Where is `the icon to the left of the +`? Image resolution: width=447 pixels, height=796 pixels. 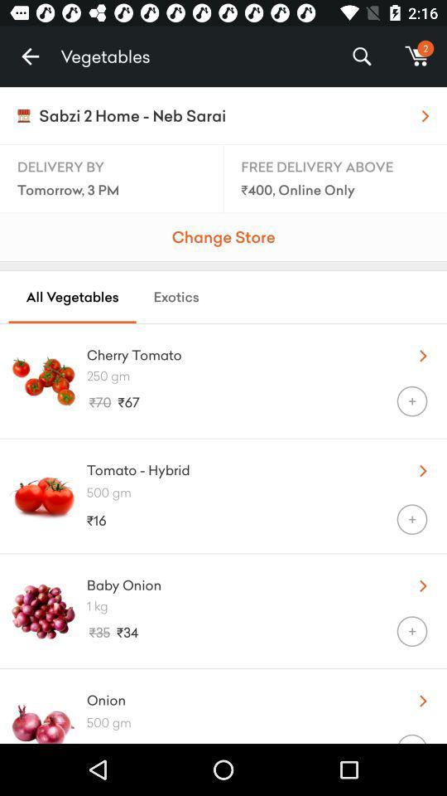
the icon to the left of the + is located at coordinates (222, 738).